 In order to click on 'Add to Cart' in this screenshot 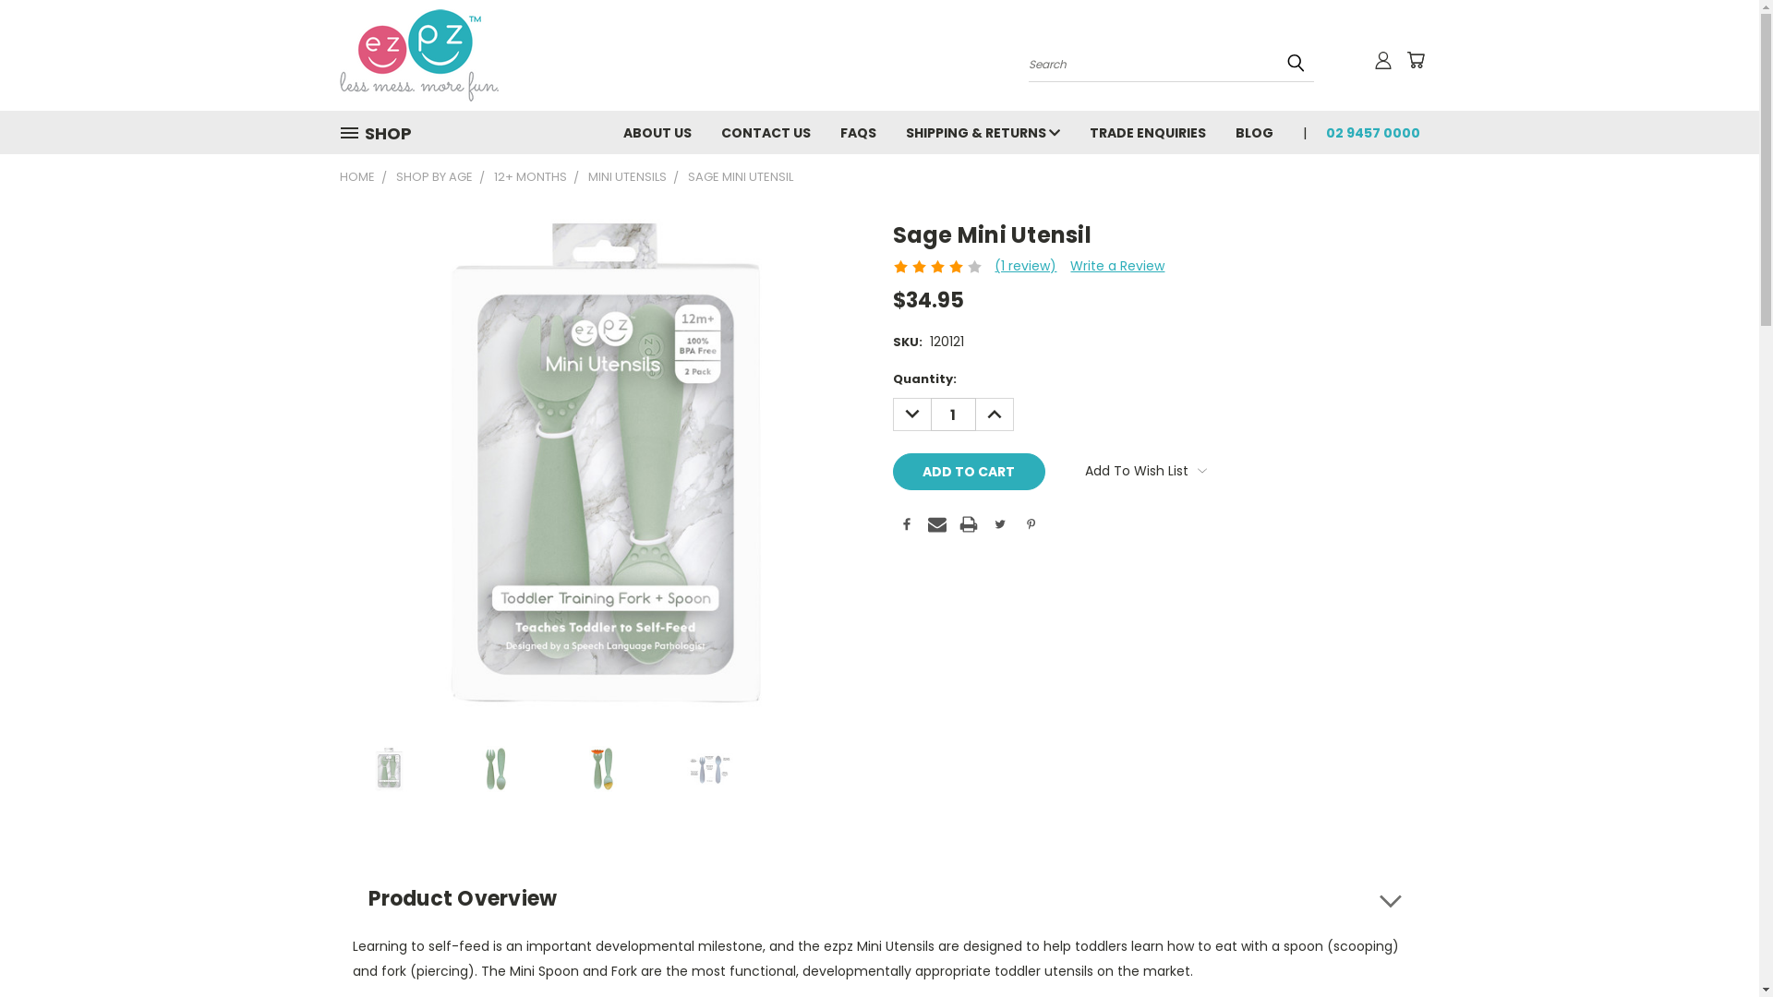, I will do `click(968, 470)`.